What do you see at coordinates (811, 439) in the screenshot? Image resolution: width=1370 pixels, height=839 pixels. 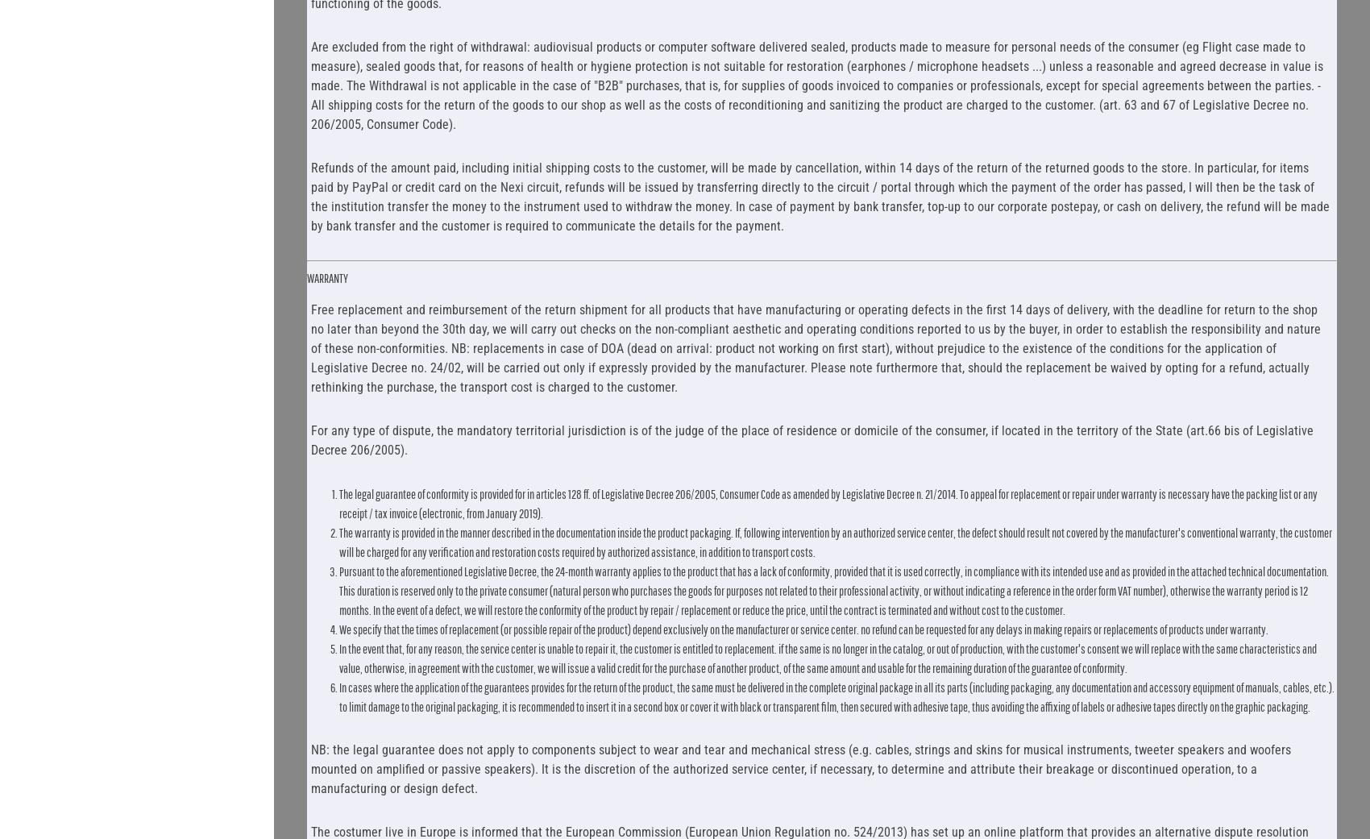 I see `'For any type of dispute, the mandatory territorial jurisdiction is of the judge of the place of residence or domicile of the consumer, if located in the territory of the State (art.66 bis of Legislative Decree 206/2005).'` at bounding box center [811, 439].